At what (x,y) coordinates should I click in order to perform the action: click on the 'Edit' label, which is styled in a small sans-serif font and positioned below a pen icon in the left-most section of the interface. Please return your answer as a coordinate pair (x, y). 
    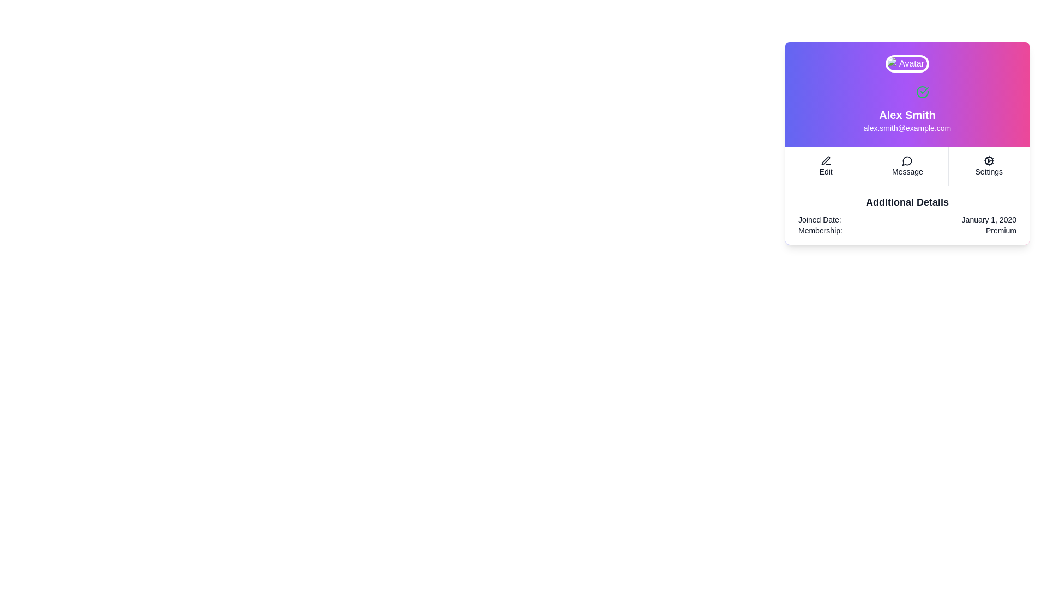
    Looking at the image, I should click on (826, 172).